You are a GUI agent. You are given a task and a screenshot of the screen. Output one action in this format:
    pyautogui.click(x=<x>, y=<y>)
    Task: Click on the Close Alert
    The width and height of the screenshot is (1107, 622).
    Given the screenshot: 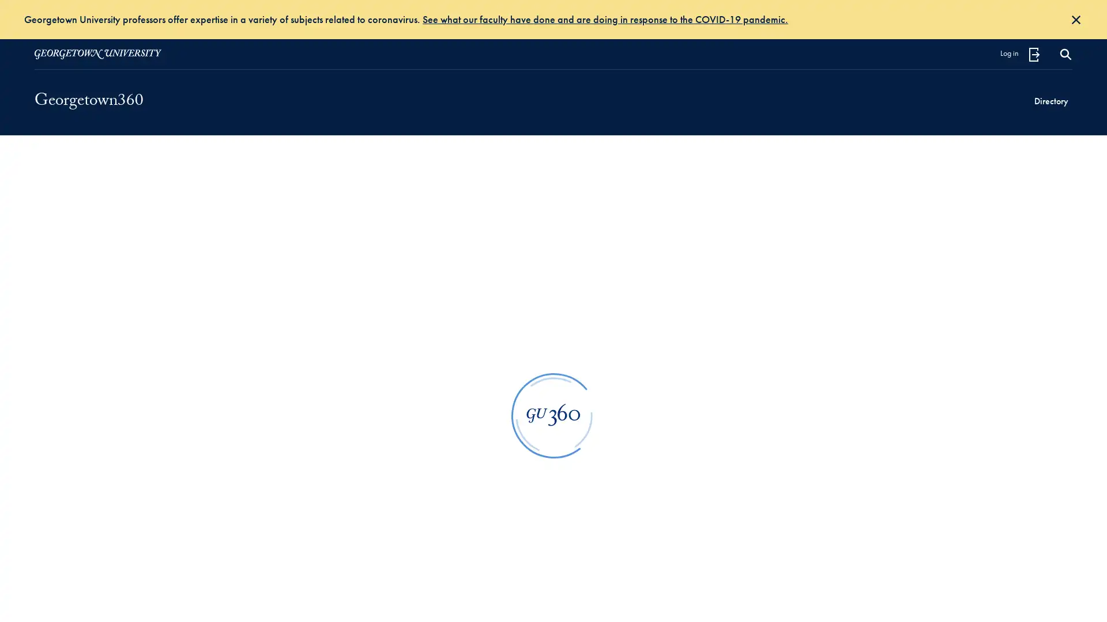 What is the action you would take?
    pyautogui.click(x=1075, y=20)
    